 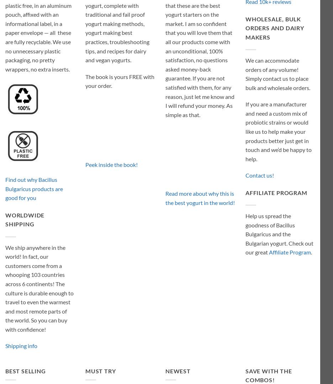 I want to click on 'Peek inside the book!', so click(x=111, y=164).